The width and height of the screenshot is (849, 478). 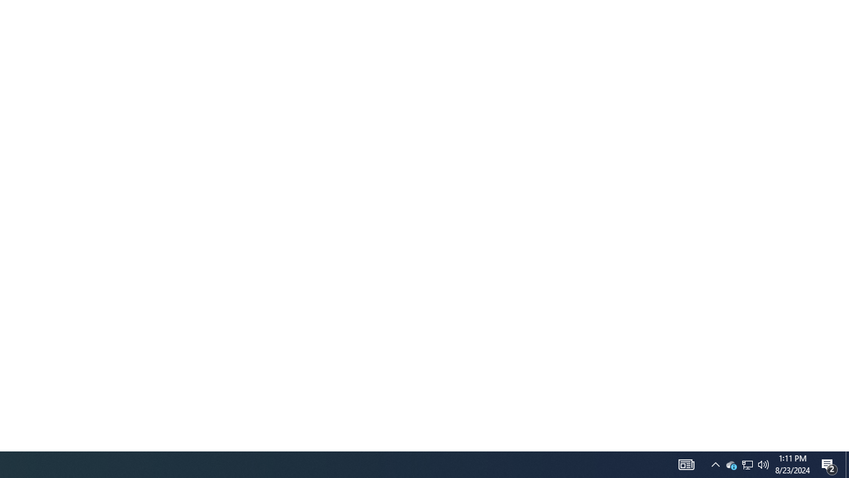 I want to click on 'Q2790: 100%', so click(x=715, y=463).